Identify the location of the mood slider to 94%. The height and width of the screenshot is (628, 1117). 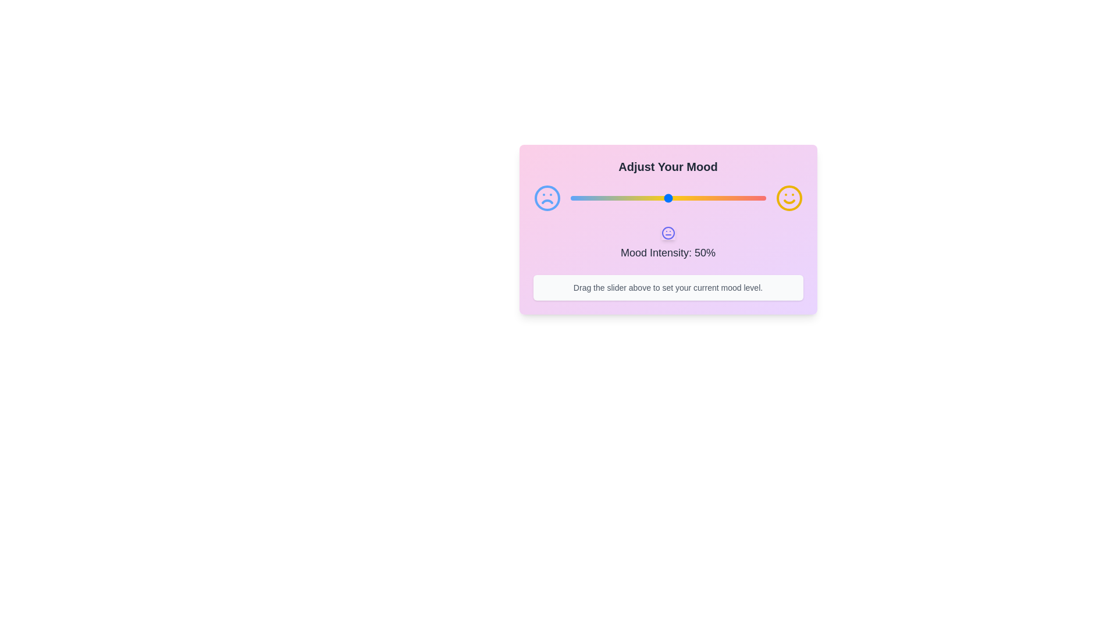
(754, 197).